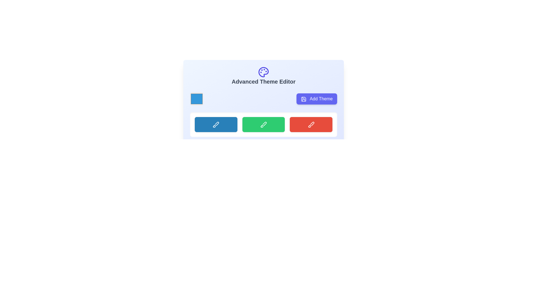 The image size is (535, 301). What do you see at coordinates (311, 124) in the screenshot?
I see `the rectangular button with a red background and white brush icon, located on the bottom row of the grid layout as the third button` at bounding box center [311, 124].